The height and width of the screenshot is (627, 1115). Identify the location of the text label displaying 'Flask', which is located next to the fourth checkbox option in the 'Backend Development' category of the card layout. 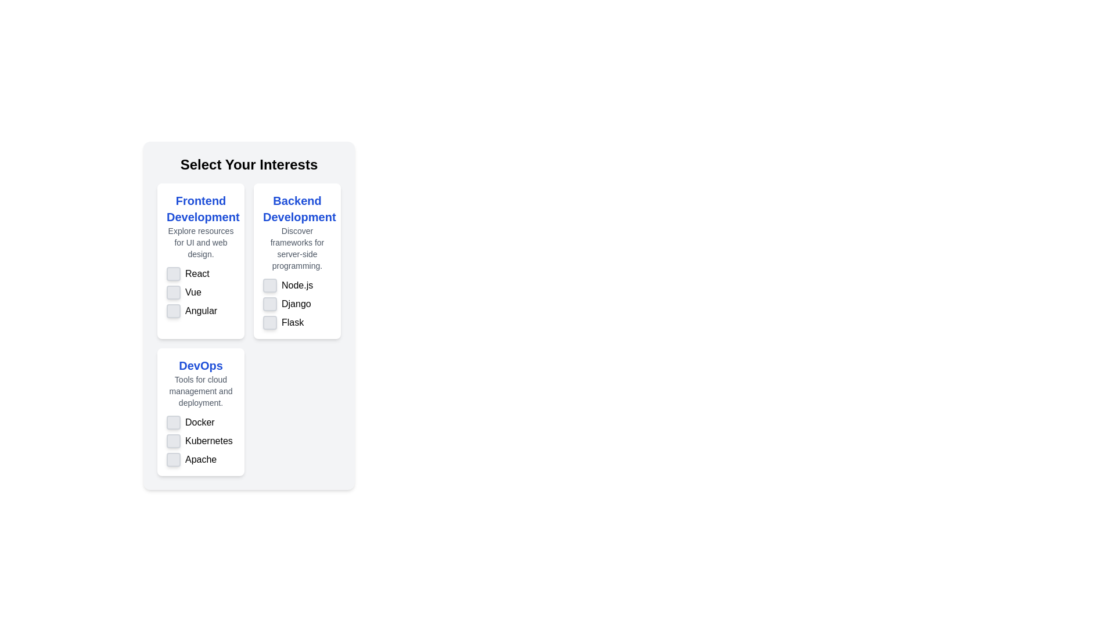
(293, 322).